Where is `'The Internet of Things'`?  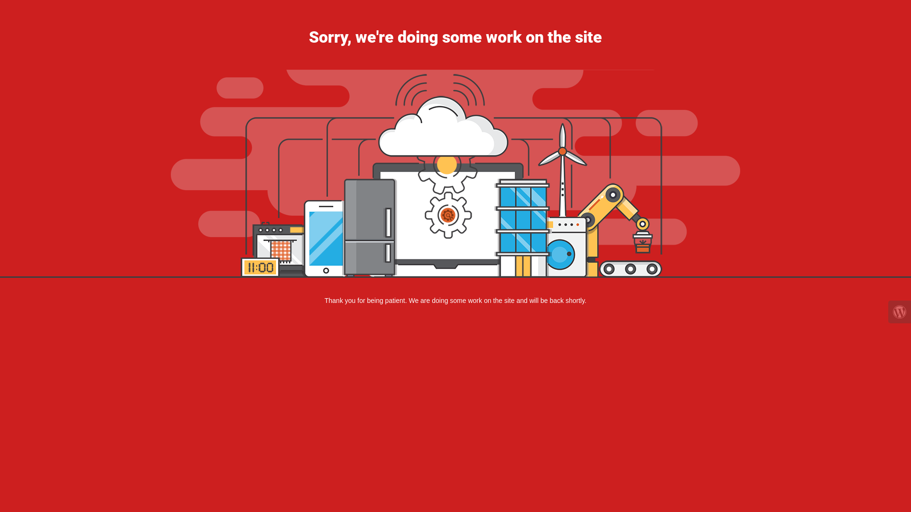
'The Internet of Things' is located at coordinates (455, 174).